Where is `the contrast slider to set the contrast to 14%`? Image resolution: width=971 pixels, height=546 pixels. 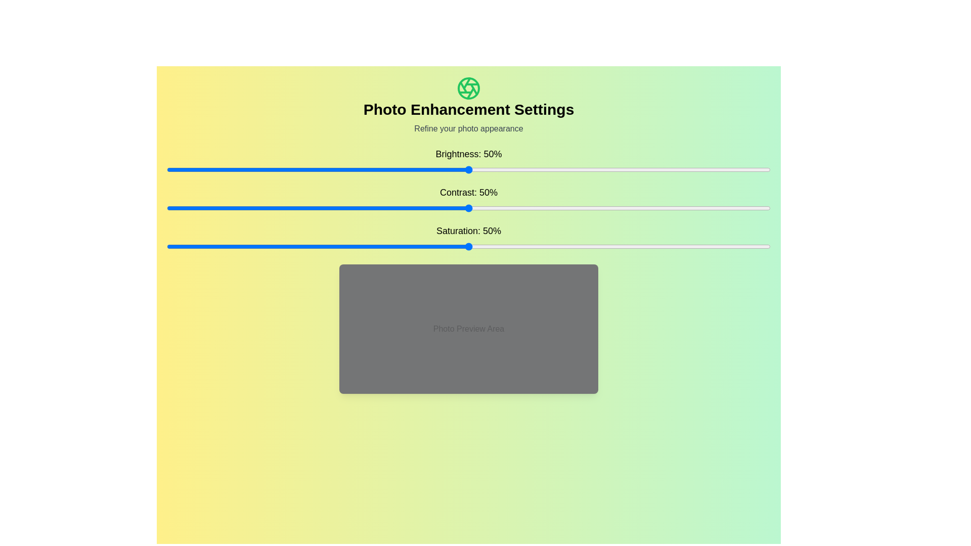
the contrast slider to set the contrast to 14% is located at coordinates (251, 208).